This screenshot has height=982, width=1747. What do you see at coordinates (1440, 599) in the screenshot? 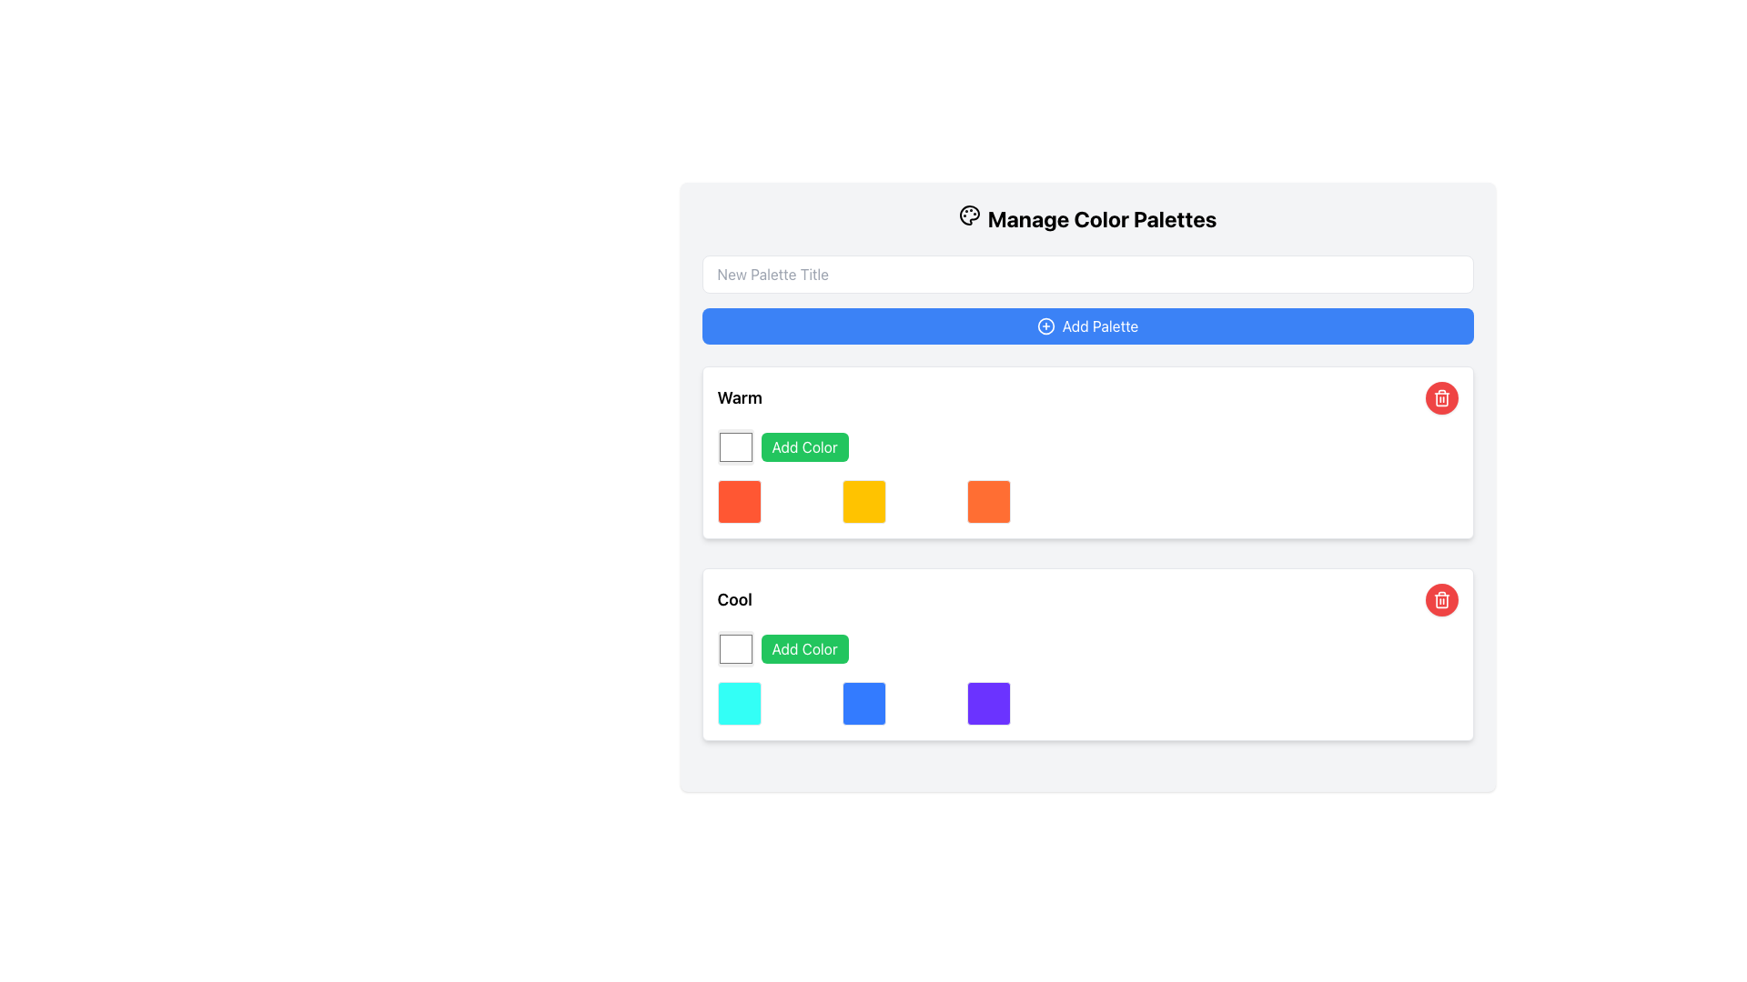
I see `the circular red button with a white trash can icon located on the right side of the 'Cool' section` at bounding box center [1440, 599].